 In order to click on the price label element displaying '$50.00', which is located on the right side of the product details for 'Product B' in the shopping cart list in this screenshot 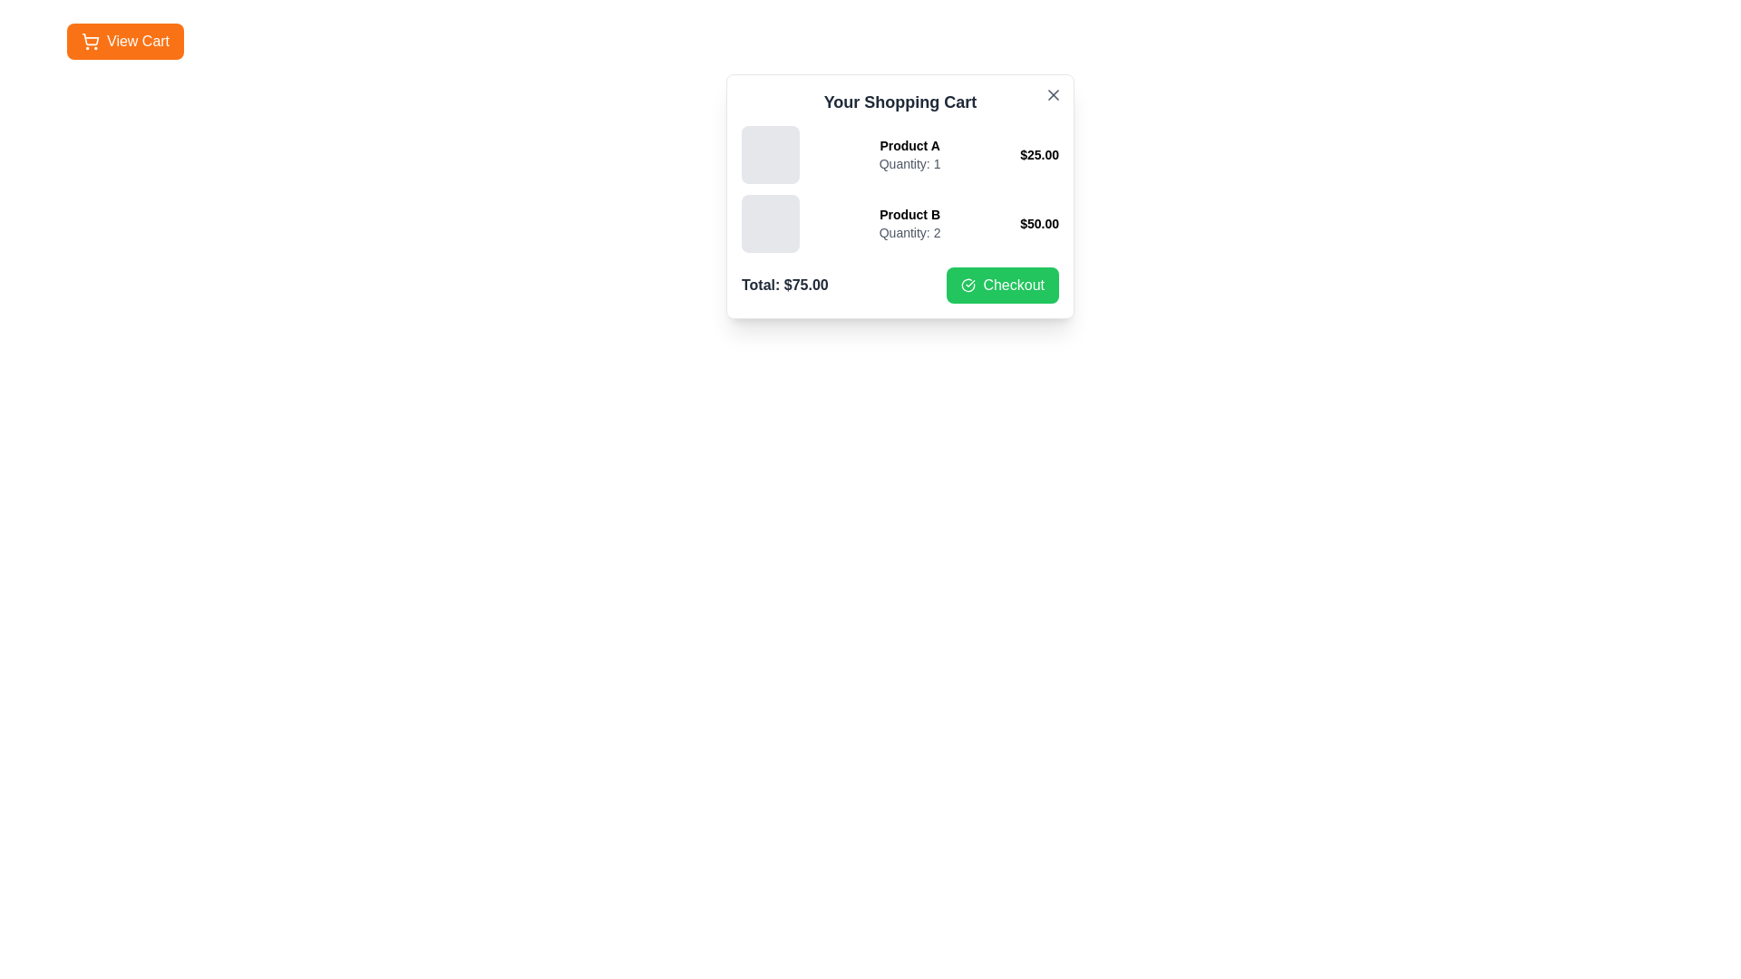, I will do `click(1039, 222)`.